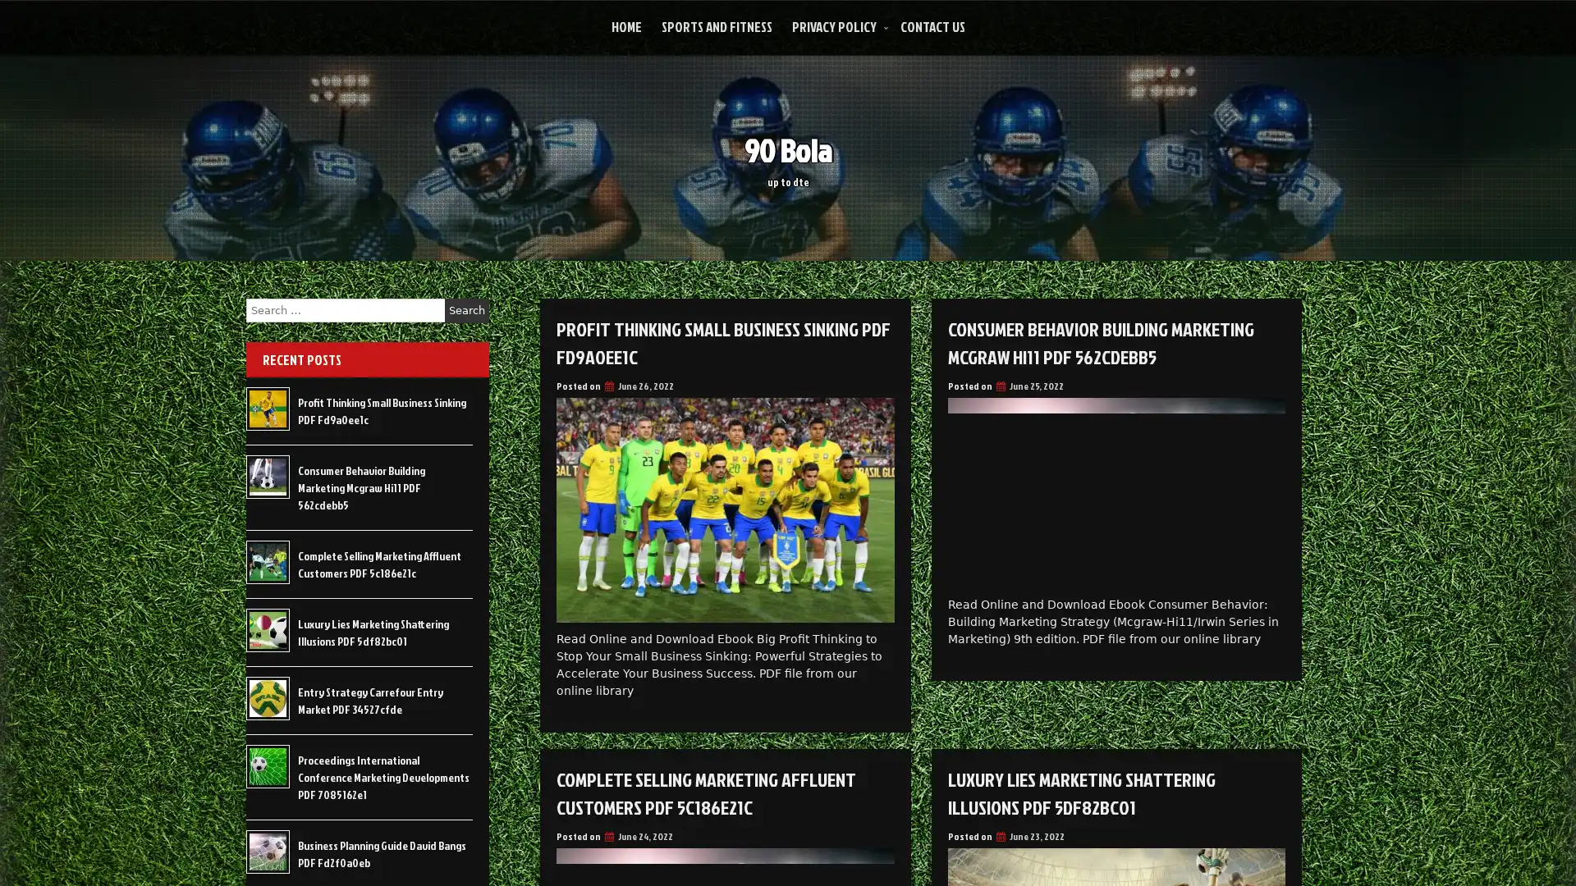 Image resolution: width=1576 pixels, height=886 pixels. I want to click on Search, so click(466, 310).